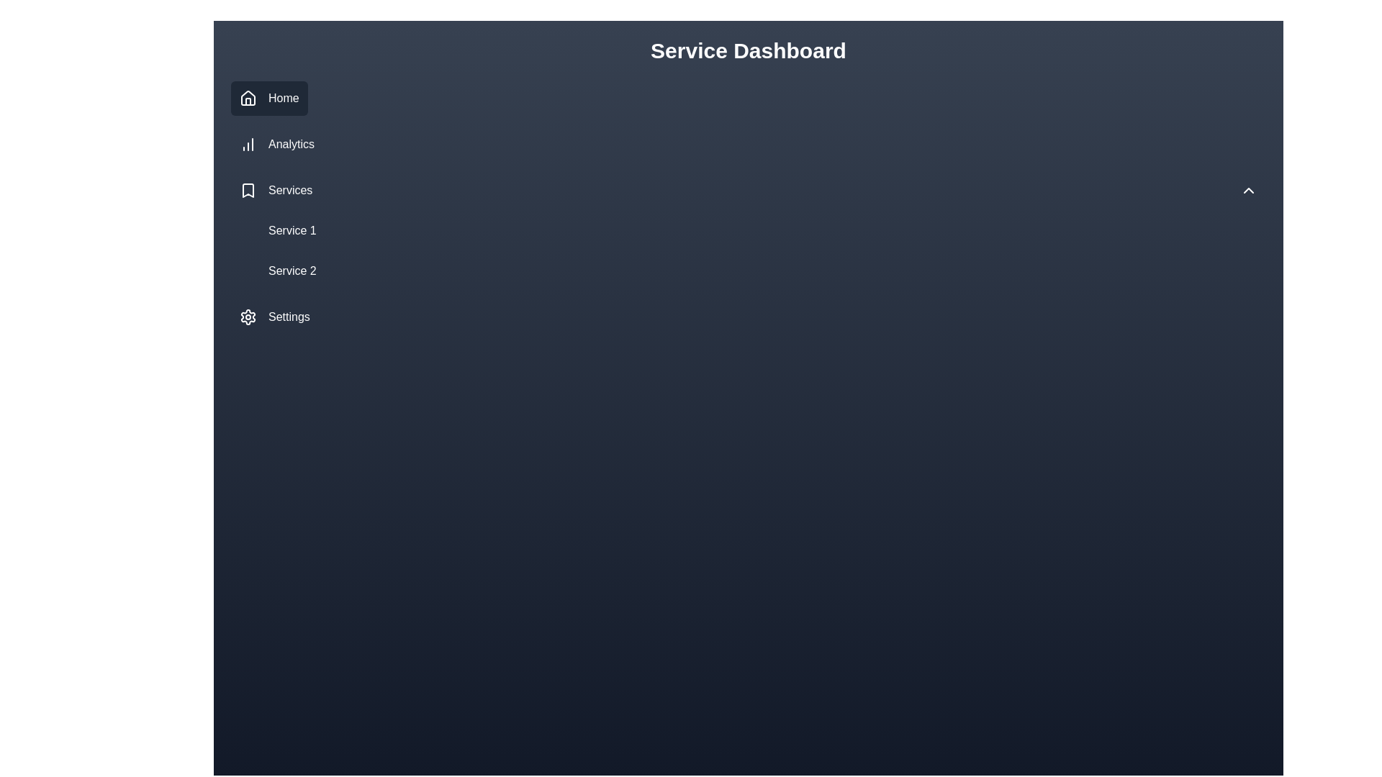  What do you see at coordinates (248, 190) in the screenshot?
I see `the 'Services' icon in the navigation menu` at bounding box center [248, 190].